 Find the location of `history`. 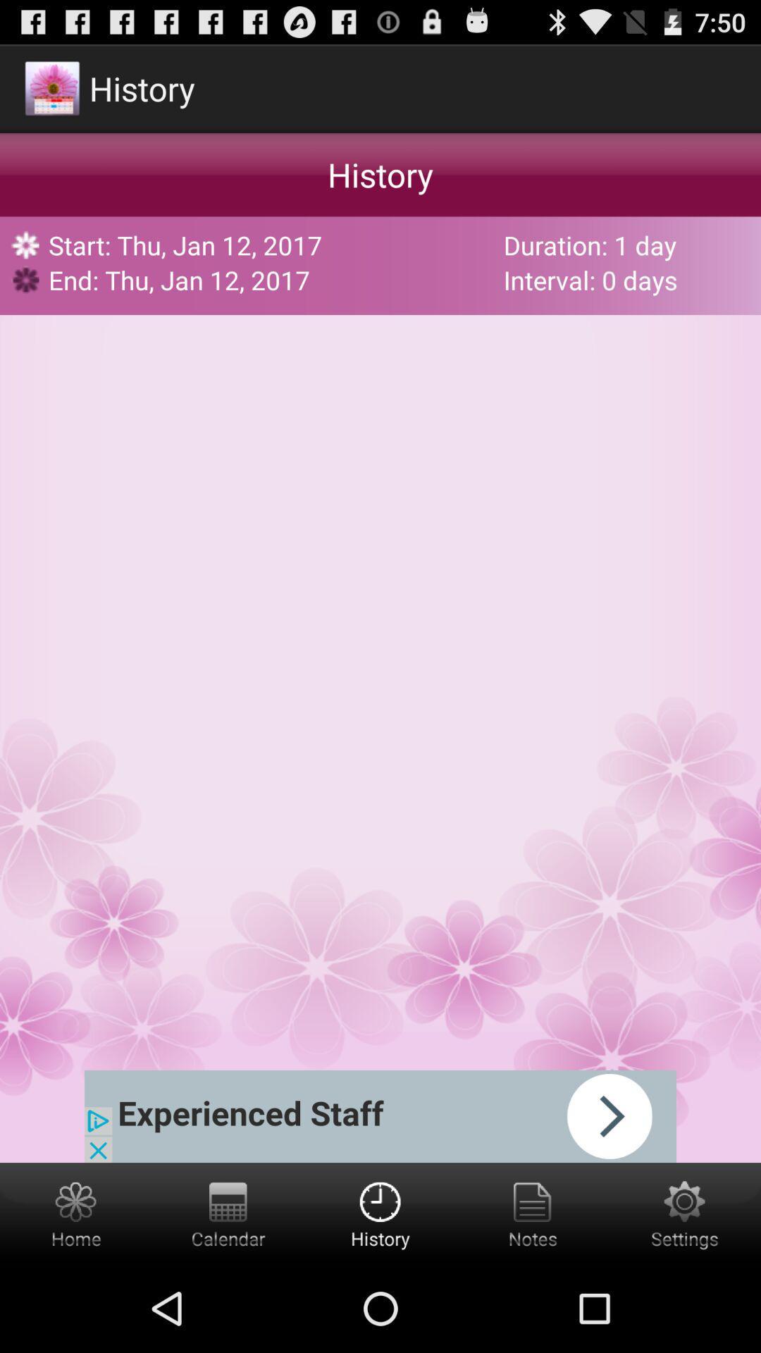

history is located at coordinates (380, 1213).